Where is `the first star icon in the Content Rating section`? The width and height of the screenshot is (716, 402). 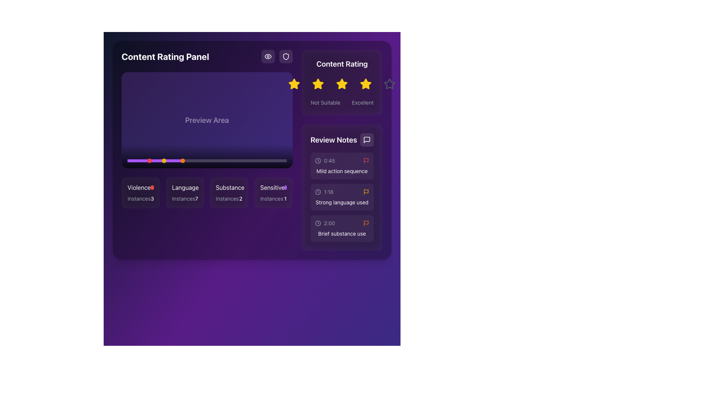
the first star icon in the Content Rating section is located at coordinates (294, 84).